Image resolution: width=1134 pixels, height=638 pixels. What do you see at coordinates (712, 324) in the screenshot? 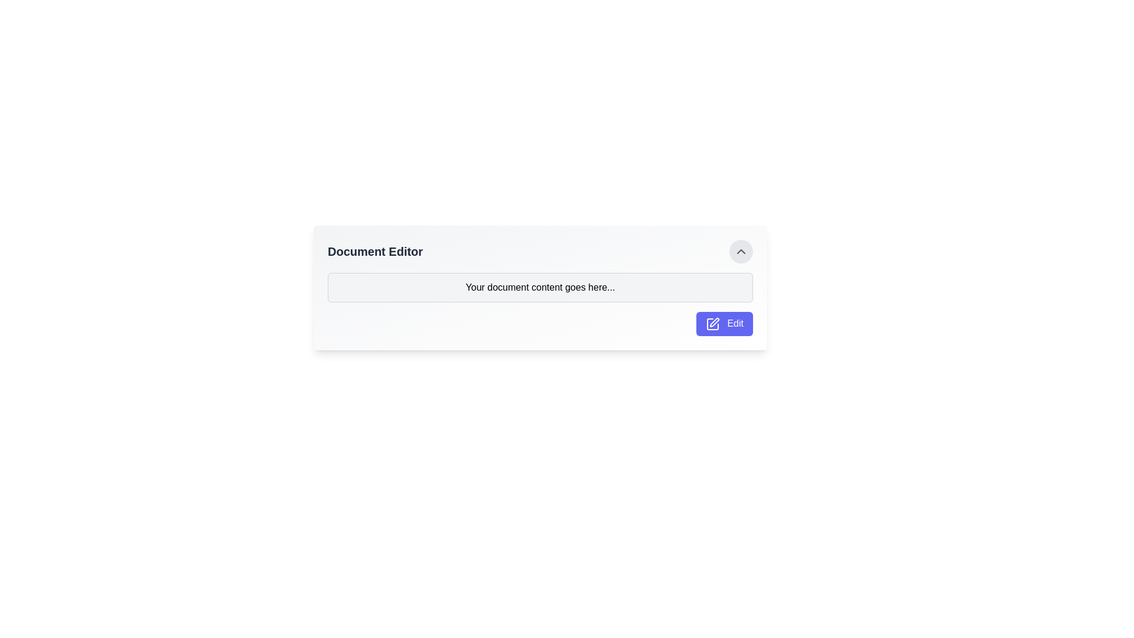
I see `the illustrative icon representing an edit or modification feature located near the bottom-right corner of the UI, adjacent to the 'Edit' button` at bounding box center [712, 324].